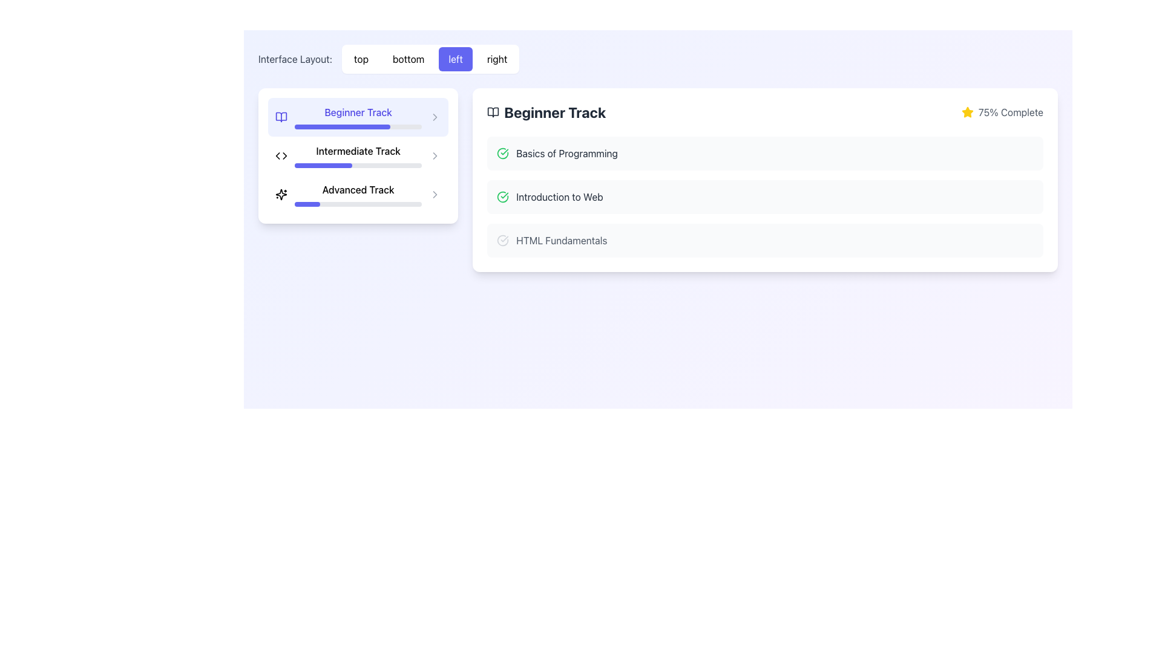  What do you see at coordinates (358, 155) in the screenshot?
I see `the 'Intermediate Track' button which is styled with a white background and rounded edges, positioned in the middle of a vertical list of course tracks` at bounding box center [358, 155].